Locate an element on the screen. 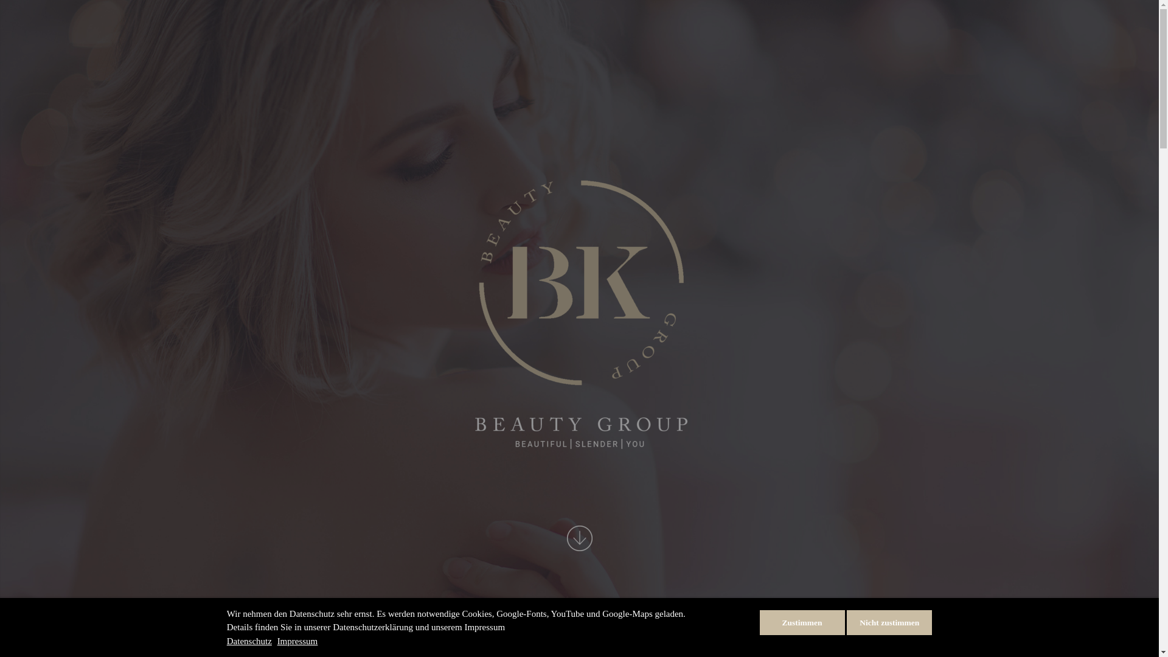  'Datenschutz' is located at coordinates (248, 640).